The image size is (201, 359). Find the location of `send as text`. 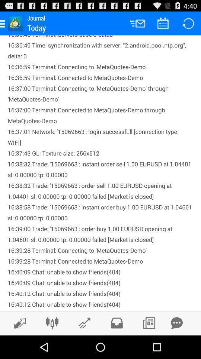

send as text is located at coordinates (176, 323).